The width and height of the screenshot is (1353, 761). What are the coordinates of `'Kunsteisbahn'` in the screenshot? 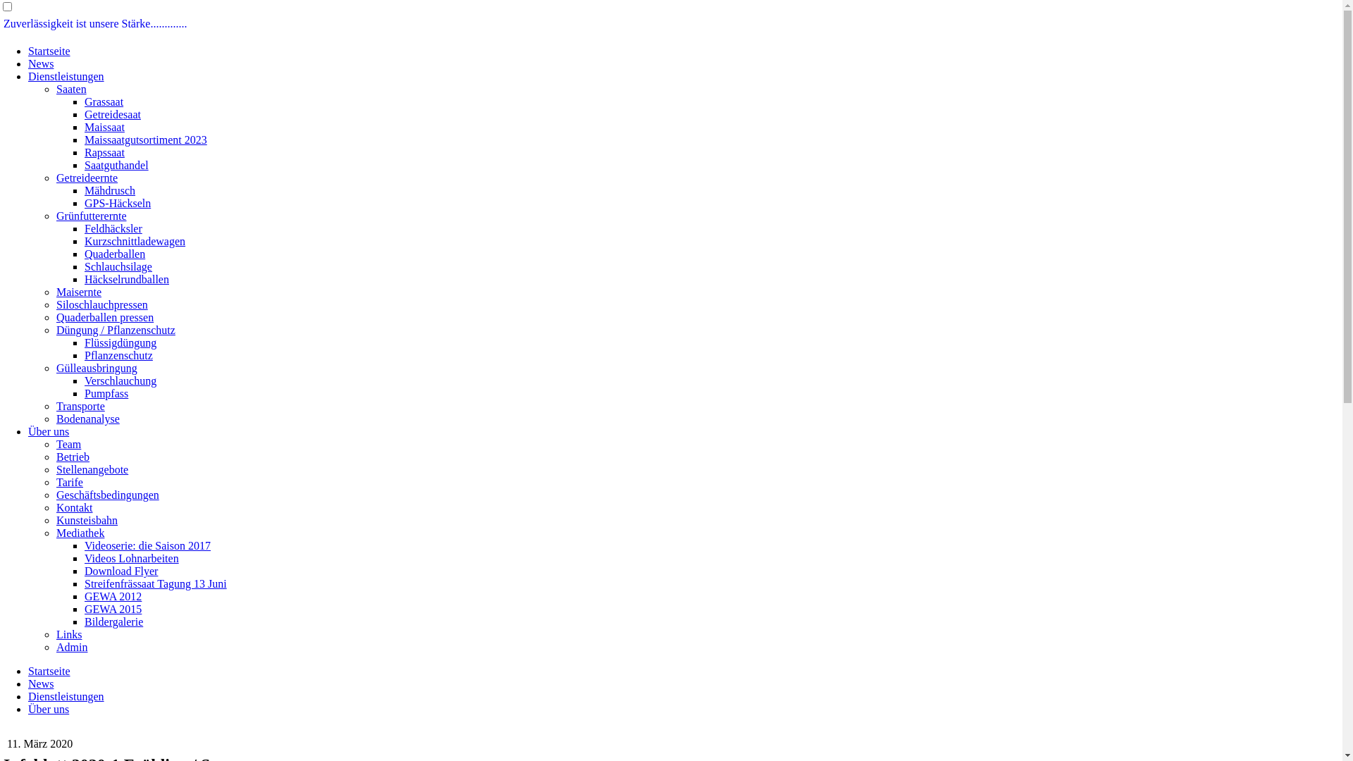 It's located at (56, 520).